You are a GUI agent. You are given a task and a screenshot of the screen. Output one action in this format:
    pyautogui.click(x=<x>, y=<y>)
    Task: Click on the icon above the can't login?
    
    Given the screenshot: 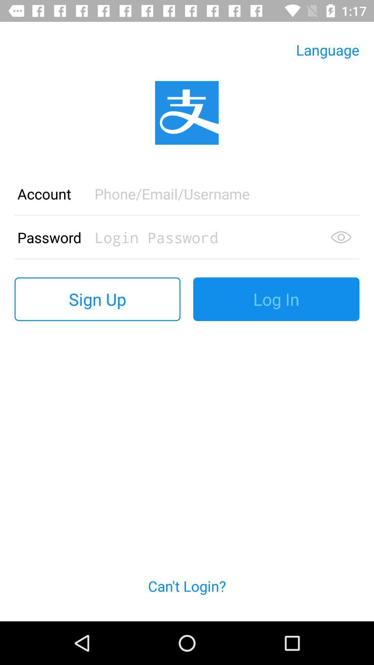 What is the action you would take?
    pyautogui.click(x=276, y=299)
    